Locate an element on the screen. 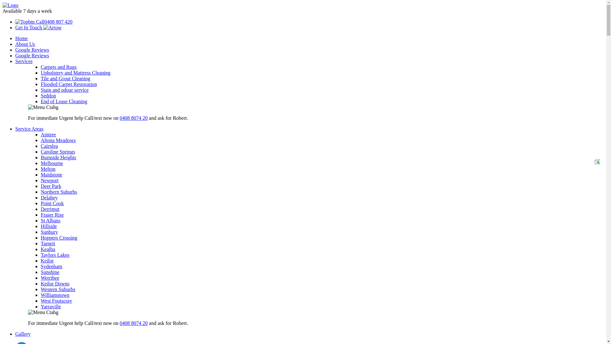  'Gallery' is located at coordinates (23, 333).